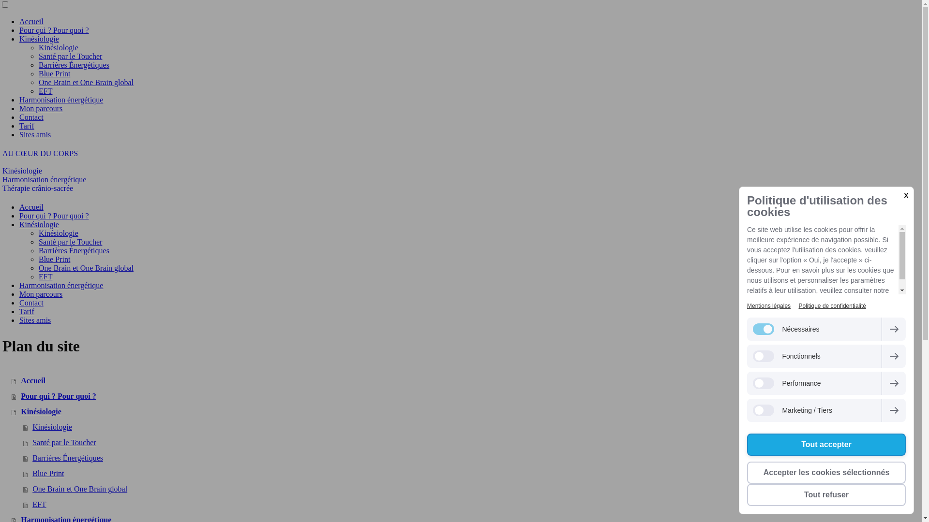 The image size is (929, 522). Describe the element at coordinates (826, 445) in the screenshot. I see `'Tout accepter'` at that location.